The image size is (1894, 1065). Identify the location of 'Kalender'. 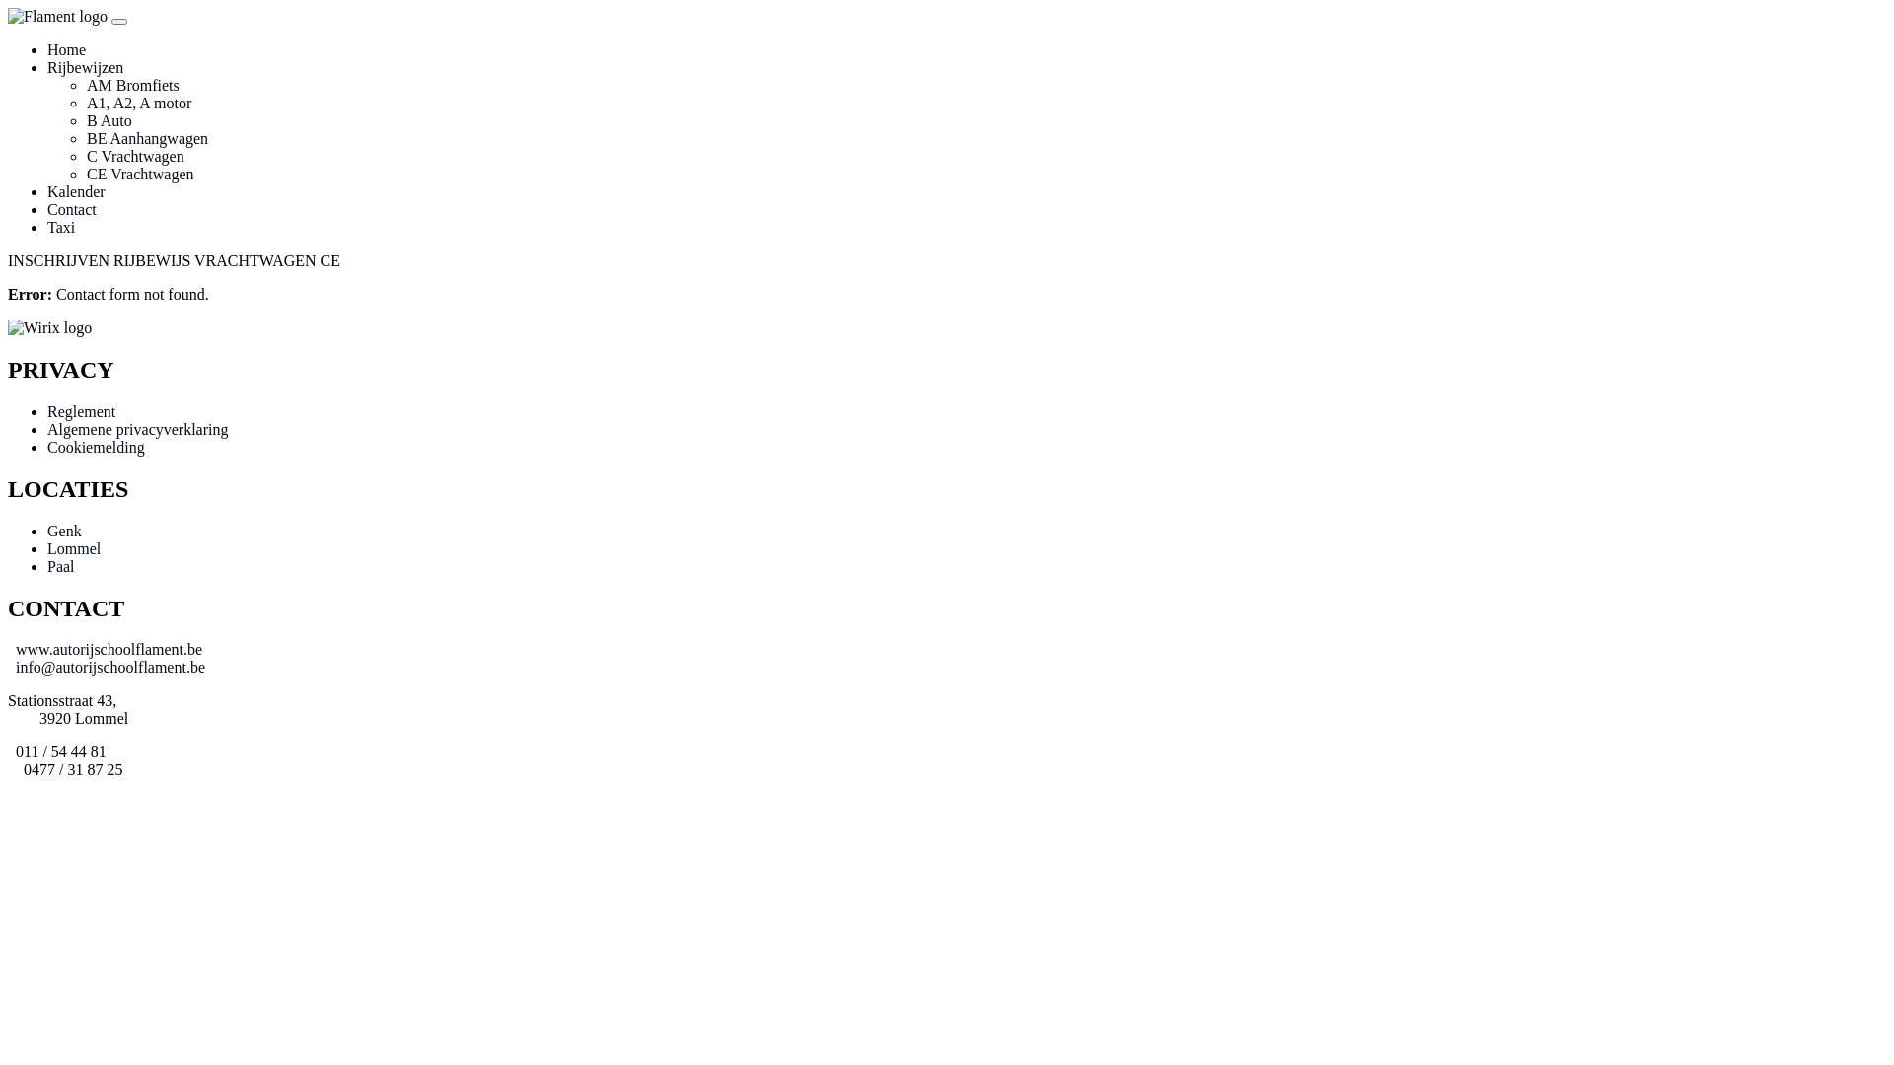
(76, 191).